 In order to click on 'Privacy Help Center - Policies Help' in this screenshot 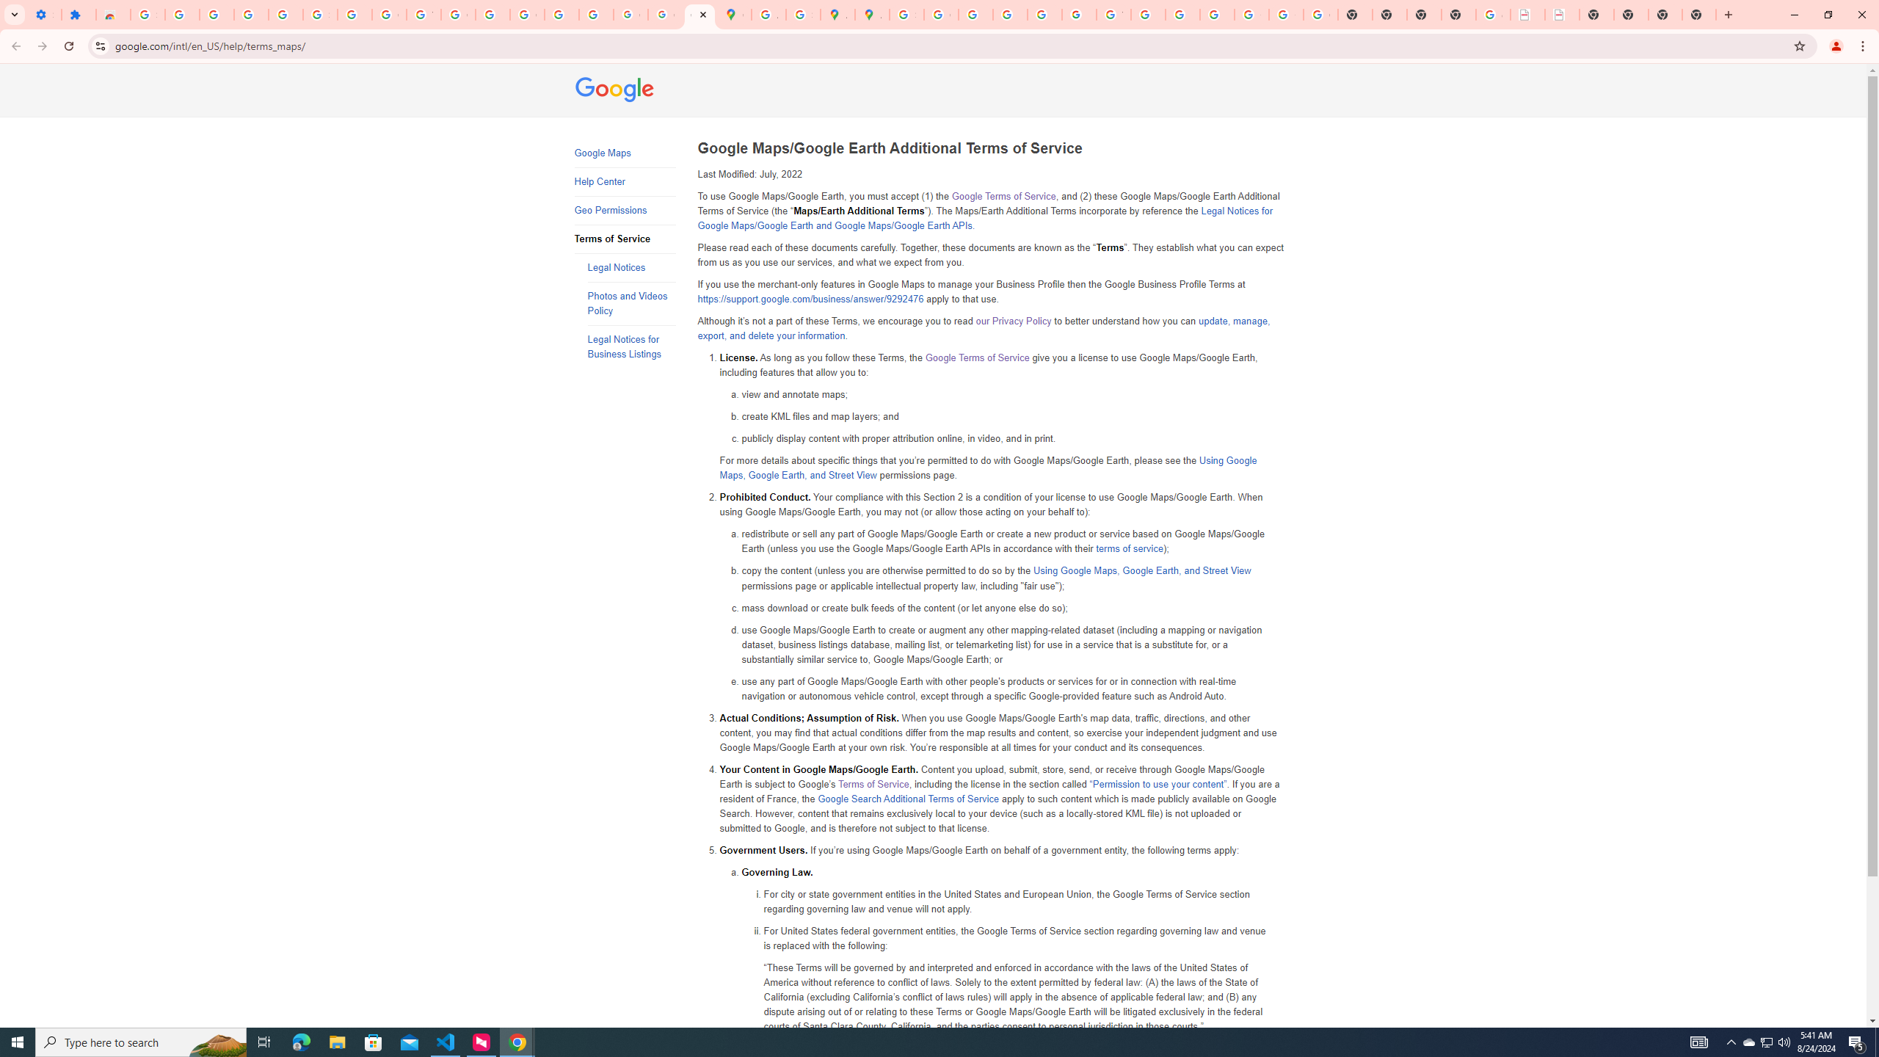, I will do `click(1009, 14)`.